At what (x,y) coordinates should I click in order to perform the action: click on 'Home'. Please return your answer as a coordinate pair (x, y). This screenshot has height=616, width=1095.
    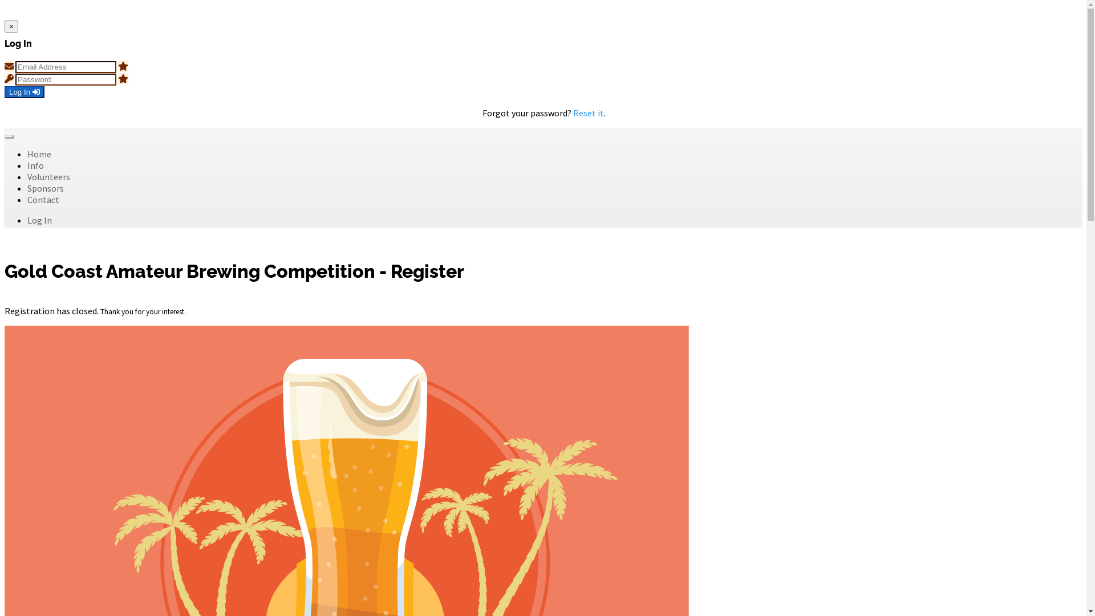
    Looking at the image, I should click on (39, 154).